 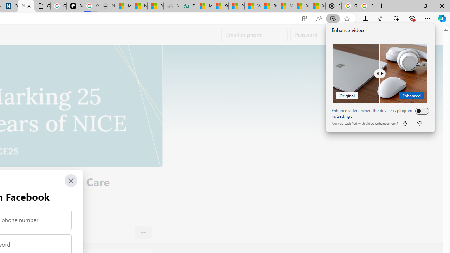 I want to click on 'Settings', so click(x=344, y=116).